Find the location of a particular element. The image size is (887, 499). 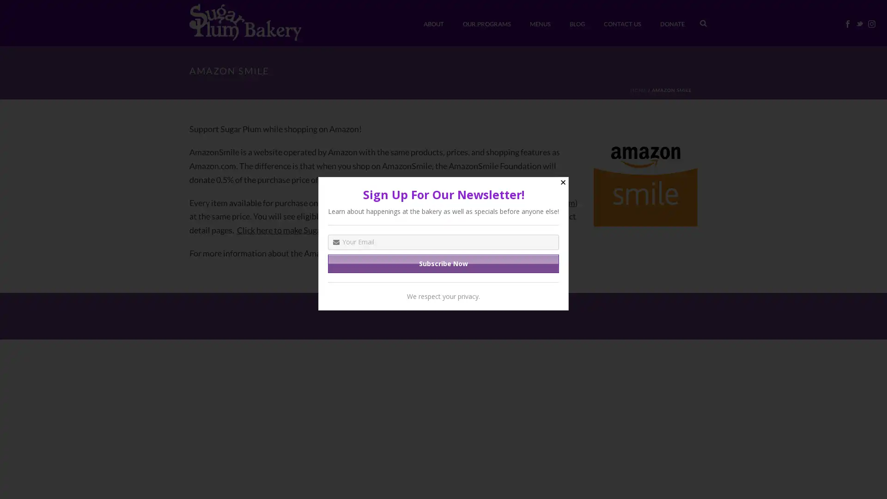

Subscribe Now is located at coordinates (443, 263).